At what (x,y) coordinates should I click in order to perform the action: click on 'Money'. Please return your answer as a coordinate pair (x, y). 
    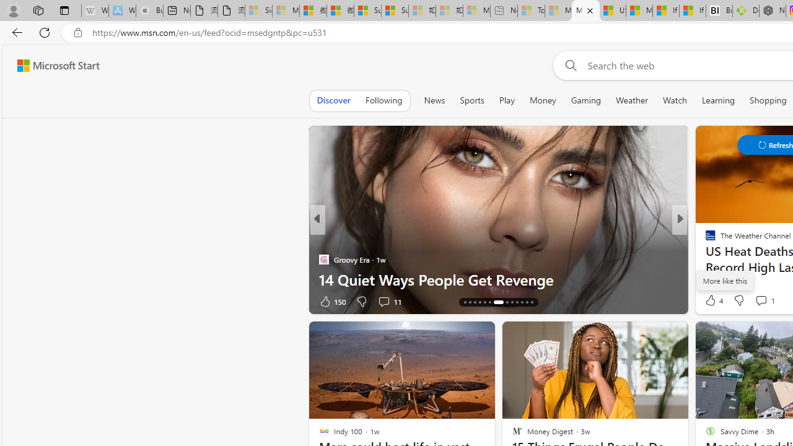
    Looking at the image, I should click on (543, 100).